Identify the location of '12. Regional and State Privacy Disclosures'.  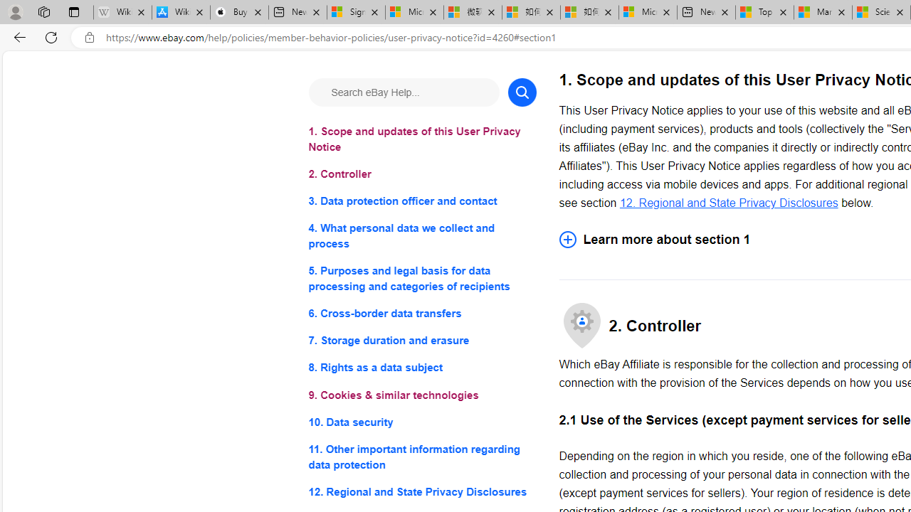
(729, 202).